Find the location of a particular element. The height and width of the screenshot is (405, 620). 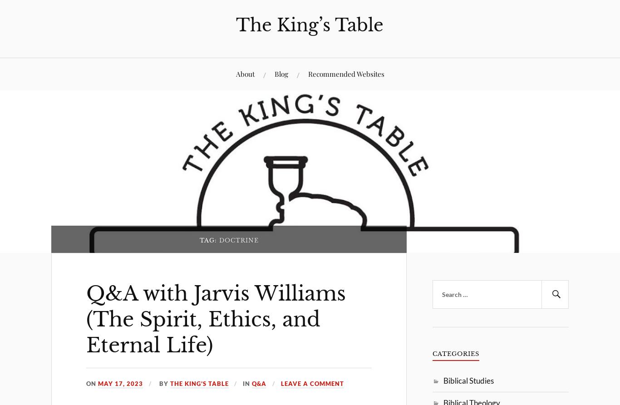

'On' is located at coordinates (91, 383).